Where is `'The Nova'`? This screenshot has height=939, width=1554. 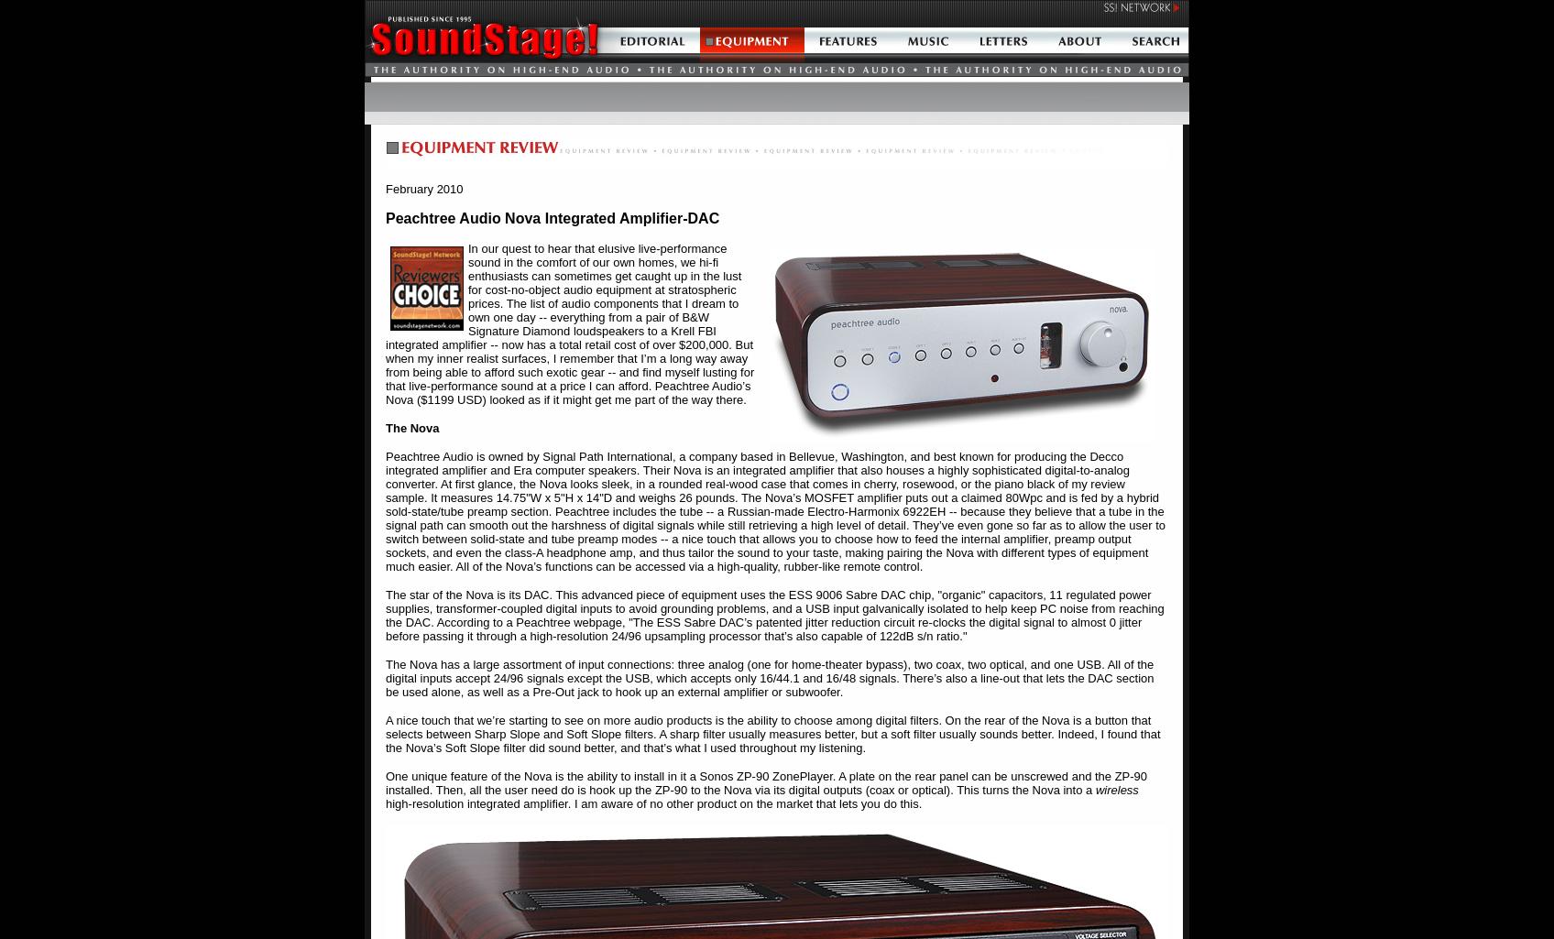
'The Nova' is located at coordinates (411, 428).